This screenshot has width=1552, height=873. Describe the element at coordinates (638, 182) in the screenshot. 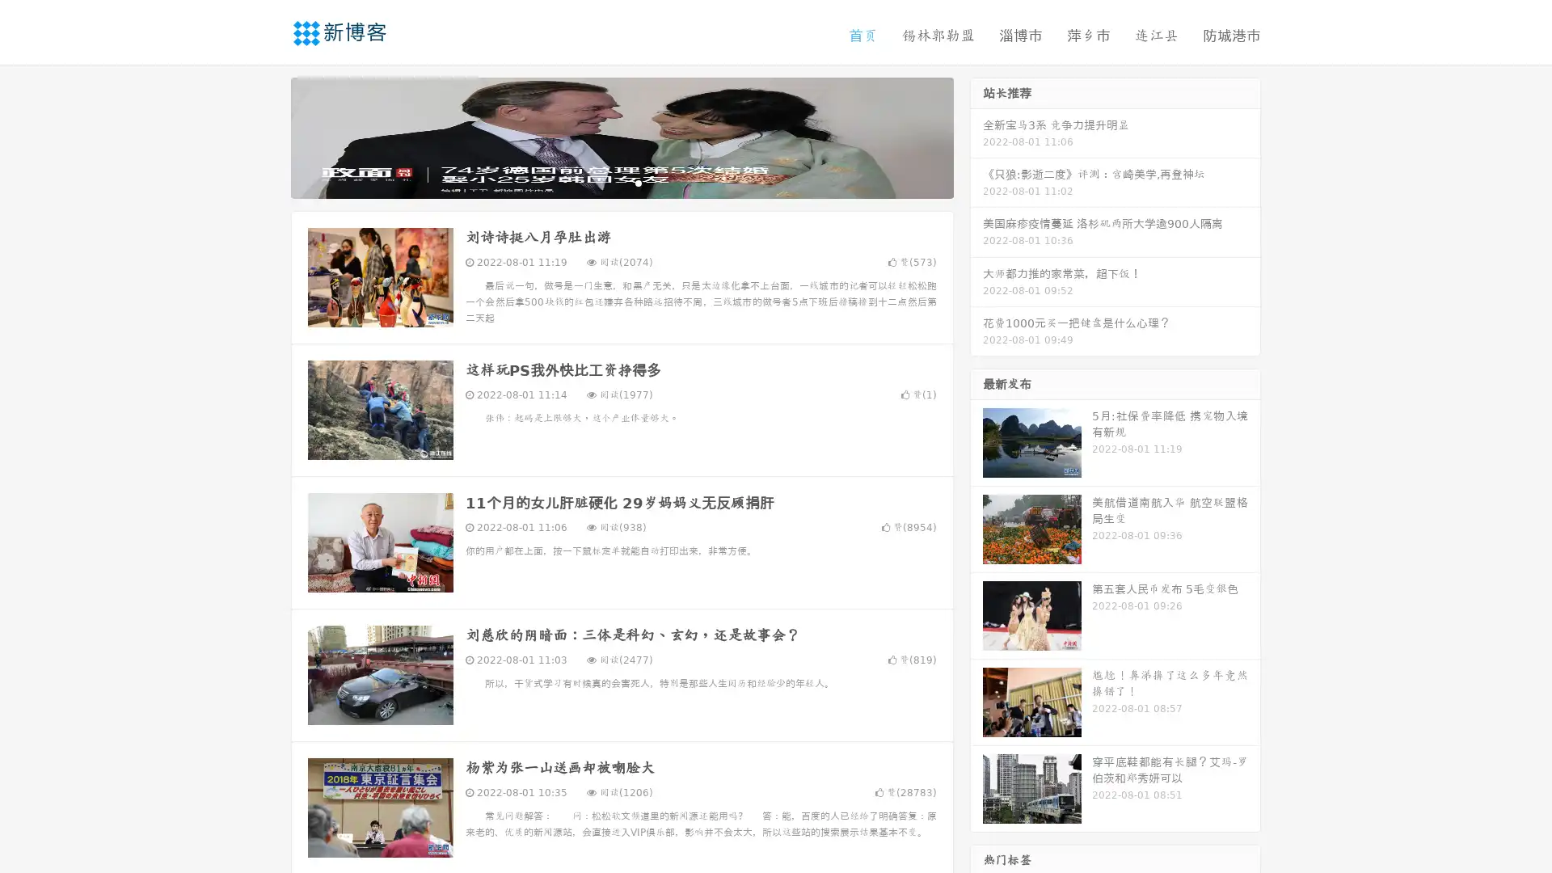

I see `Go to slide 3` at that location.